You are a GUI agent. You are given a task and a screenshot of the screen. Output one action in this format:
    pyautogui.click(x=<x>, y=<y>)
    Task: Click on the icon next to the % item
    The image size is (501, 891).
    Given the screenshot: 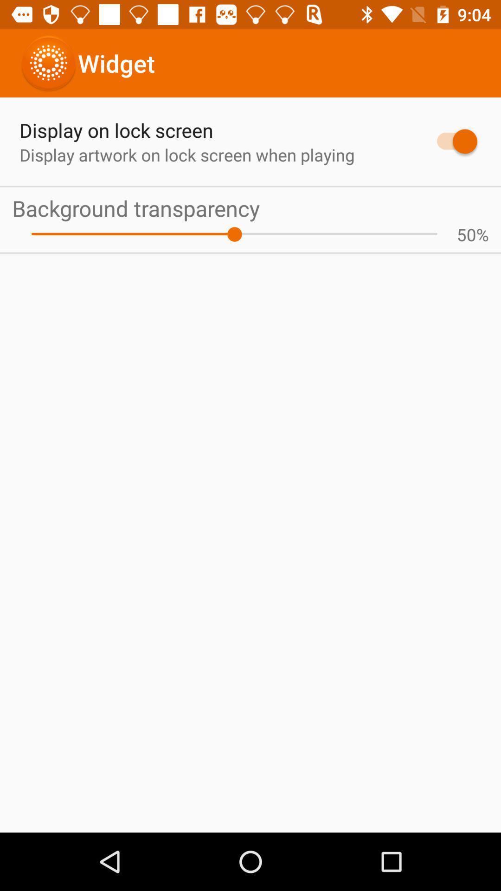 What is the action you would take?
    pyautogui.click(x=466, y=234)
    